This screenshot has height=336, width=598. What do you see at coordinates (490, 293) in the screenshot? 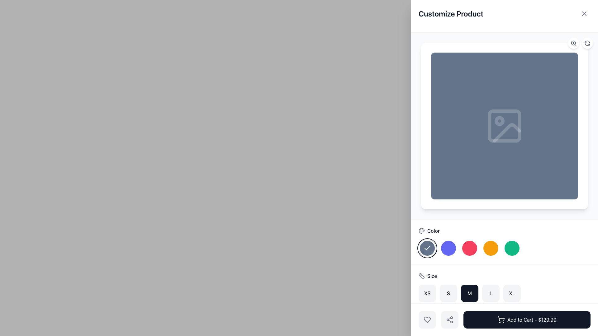
I see `the 'L' size button, the fourth button in the size selection group` at bounding box center [490, 293].